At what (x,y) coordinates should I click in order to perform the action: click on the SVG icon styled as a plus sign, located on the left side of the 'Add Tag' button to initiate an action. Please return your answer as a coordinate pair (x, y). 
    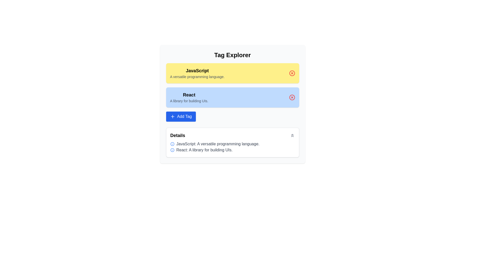
    Looking at the image, I should click on (172, 116).